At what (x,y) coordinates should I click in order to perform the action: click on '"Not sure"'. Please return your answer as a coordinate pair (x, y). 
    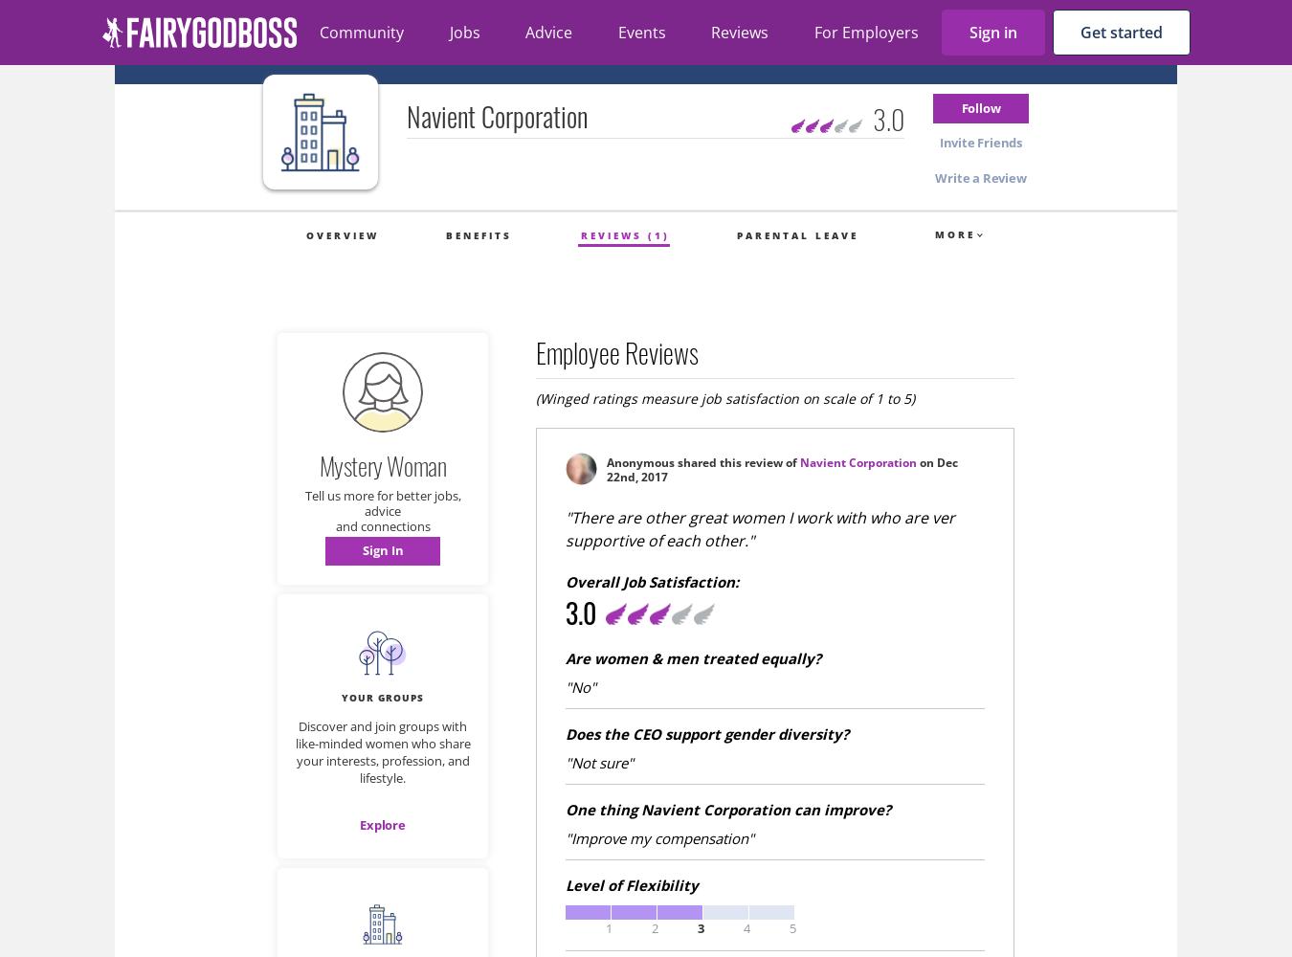
    Looking at the image, I should click on (599, 763).